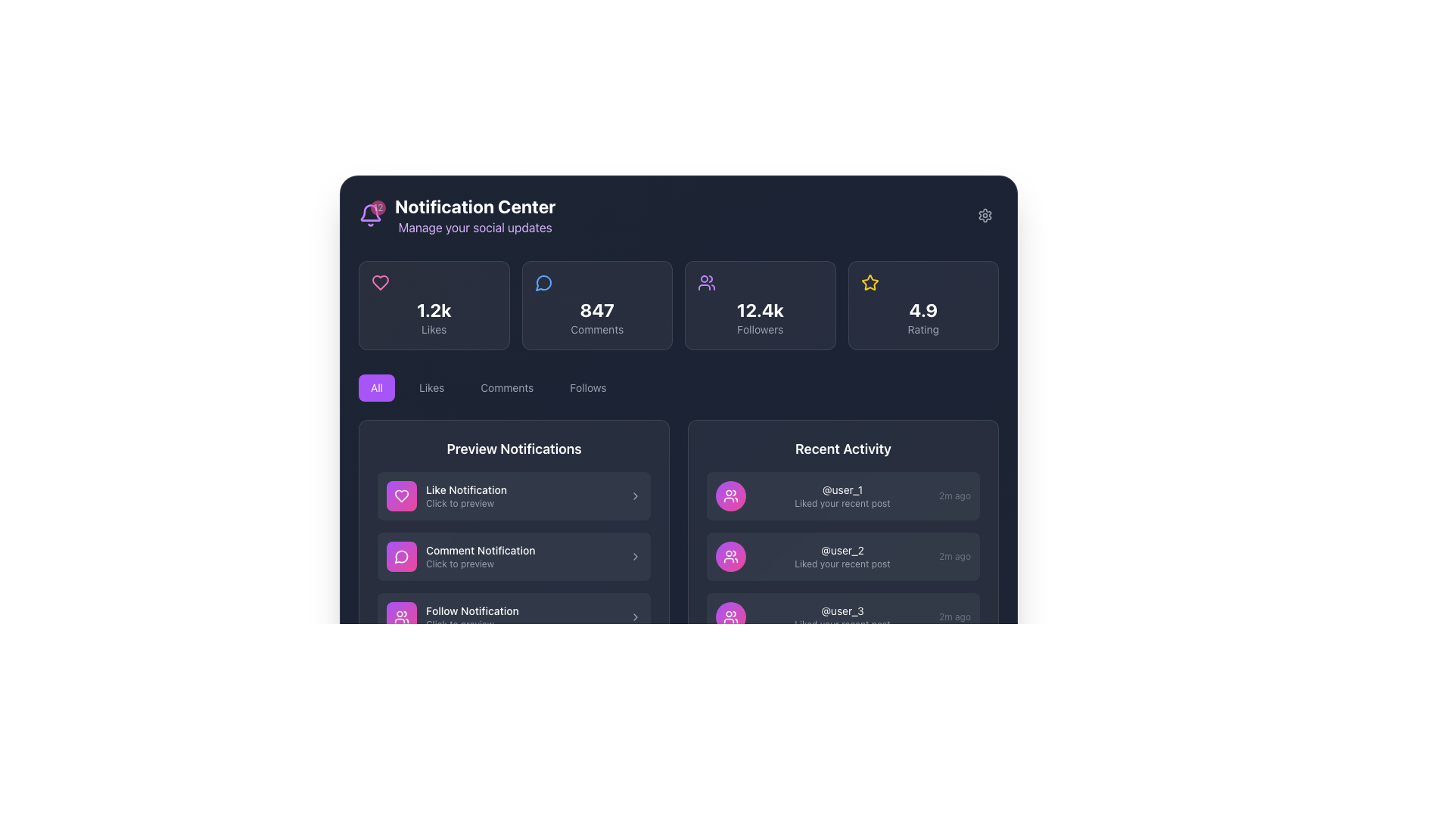 Image resolution: width=1453 pixels, height=817 pixels. Describe the element at coordinates (402, 557) in the screenshot. I see `the Icon button, which is a small square button with a gradient background transitioning from purple to pink, featuring a white comment bubble icon, located in the left side of the second item in the 'Preview Notifications' list` at that location.